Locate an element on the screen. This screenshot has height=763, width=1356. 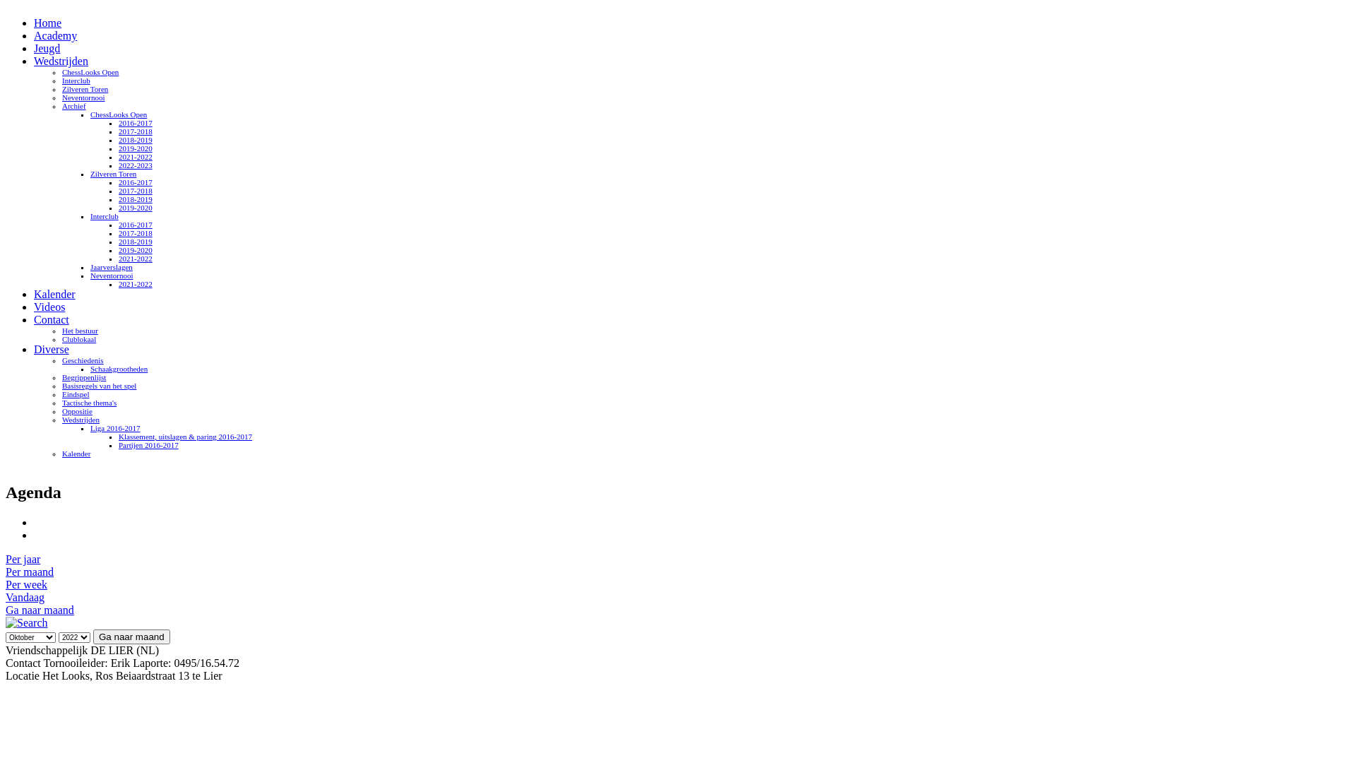
'2016-2017' is located at coordinates (136, 182).